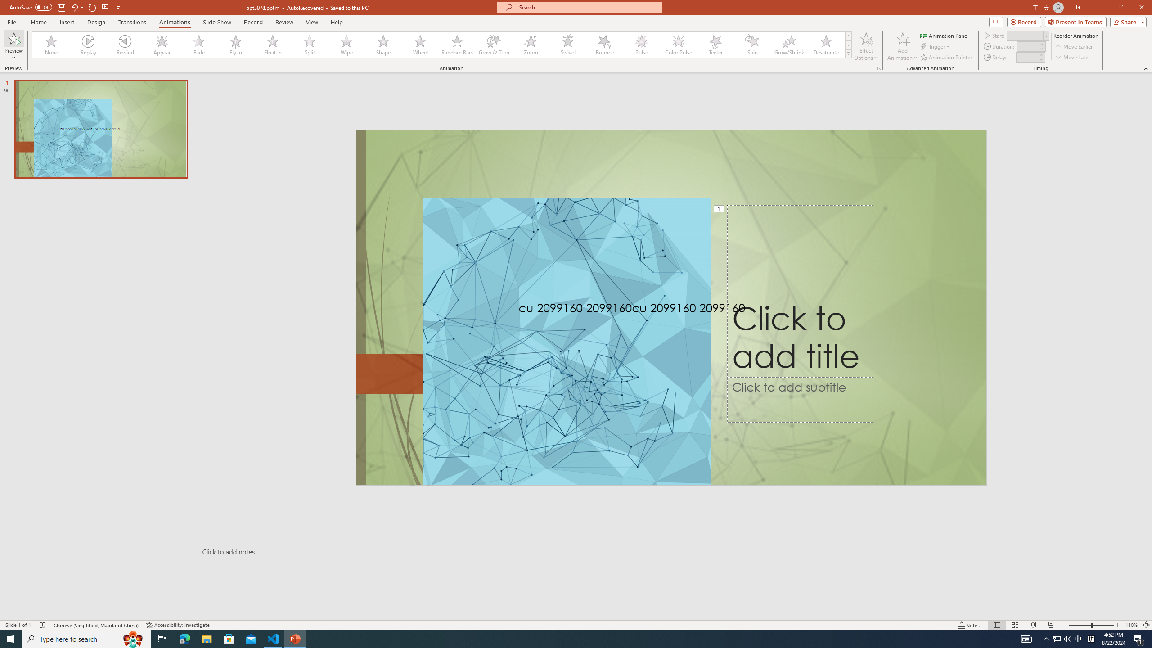  What do you see at coordinates (567, 45) in the screenshot?
I see `'Swivel'` at bounding box center [567, 45].